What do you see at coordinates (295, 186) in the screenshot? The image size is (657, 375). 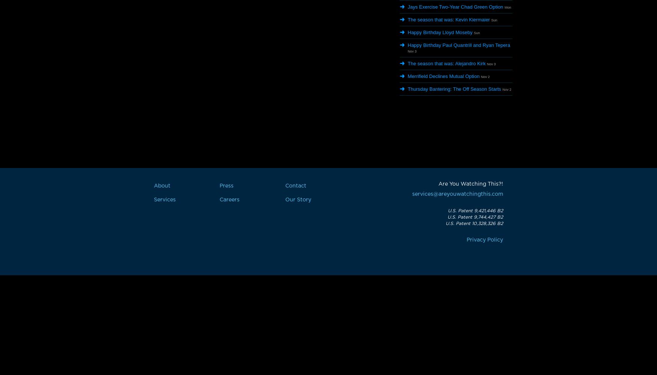 I see `'Contact'` at bounding box center [295, 186].